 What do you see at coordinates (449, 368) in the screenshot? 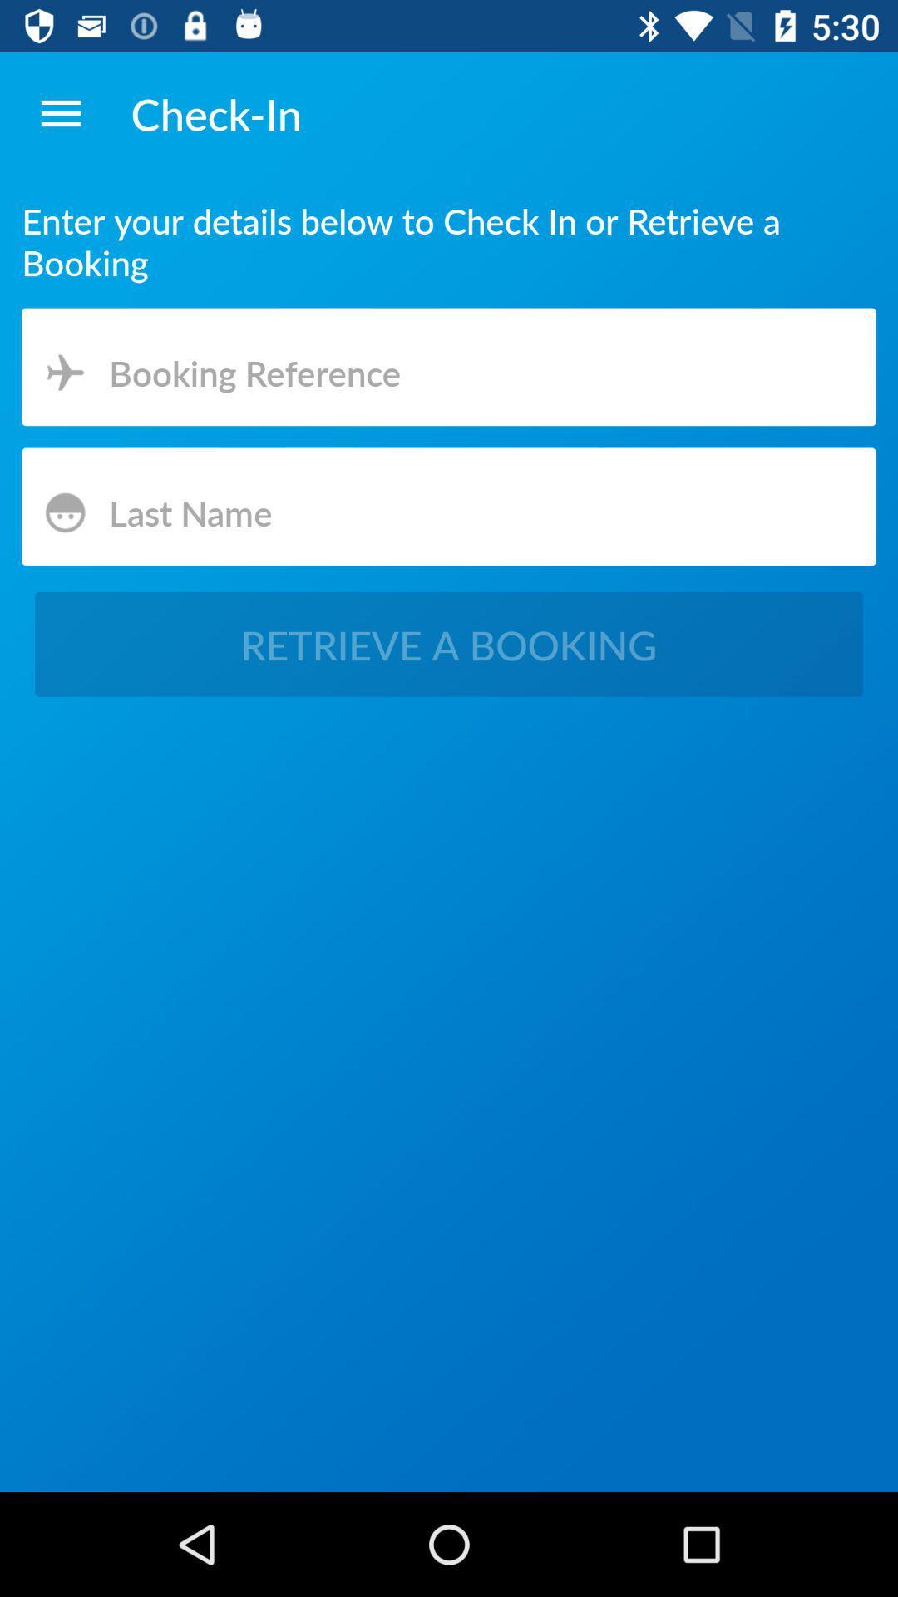
I see `booking reference` at bounding box center [449, 368].